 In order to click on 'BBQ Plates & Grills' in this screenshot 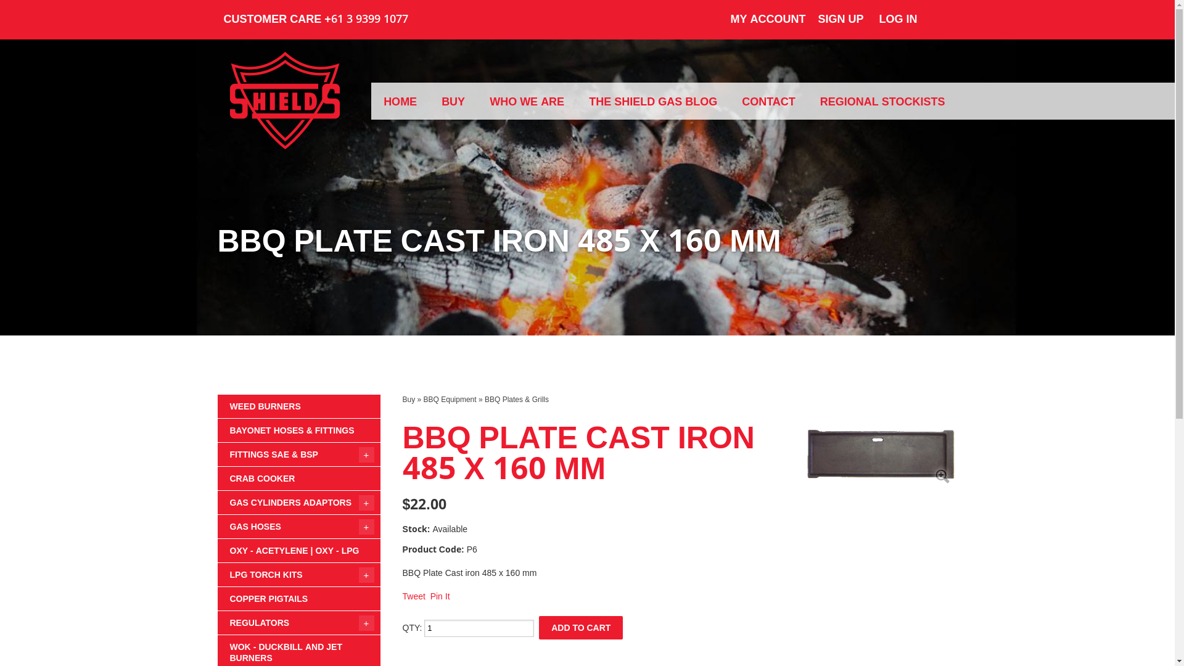, I will do `click(484, 400)`.